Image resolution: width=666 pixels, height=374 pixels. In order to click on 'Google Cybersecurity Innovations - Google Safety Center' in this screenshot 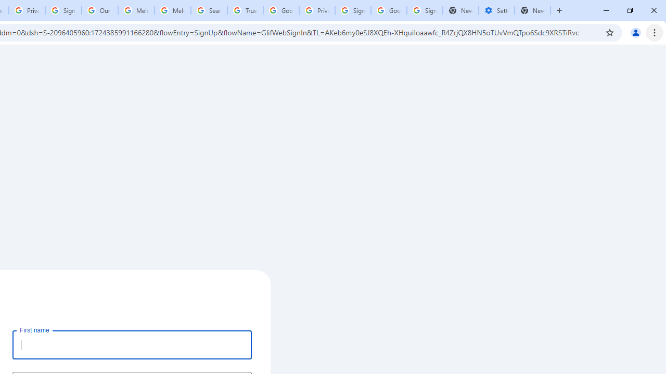, I will do `click(388, 10)`.